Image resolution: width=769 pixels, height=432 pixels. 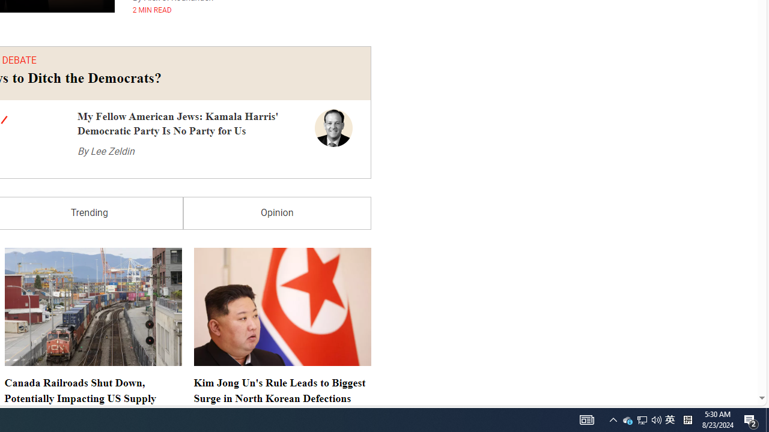 What do you see at coordinates (106, 151) in the screenshot?
I see `'By Lee Zeldin'` at bounding box center [106, 151].